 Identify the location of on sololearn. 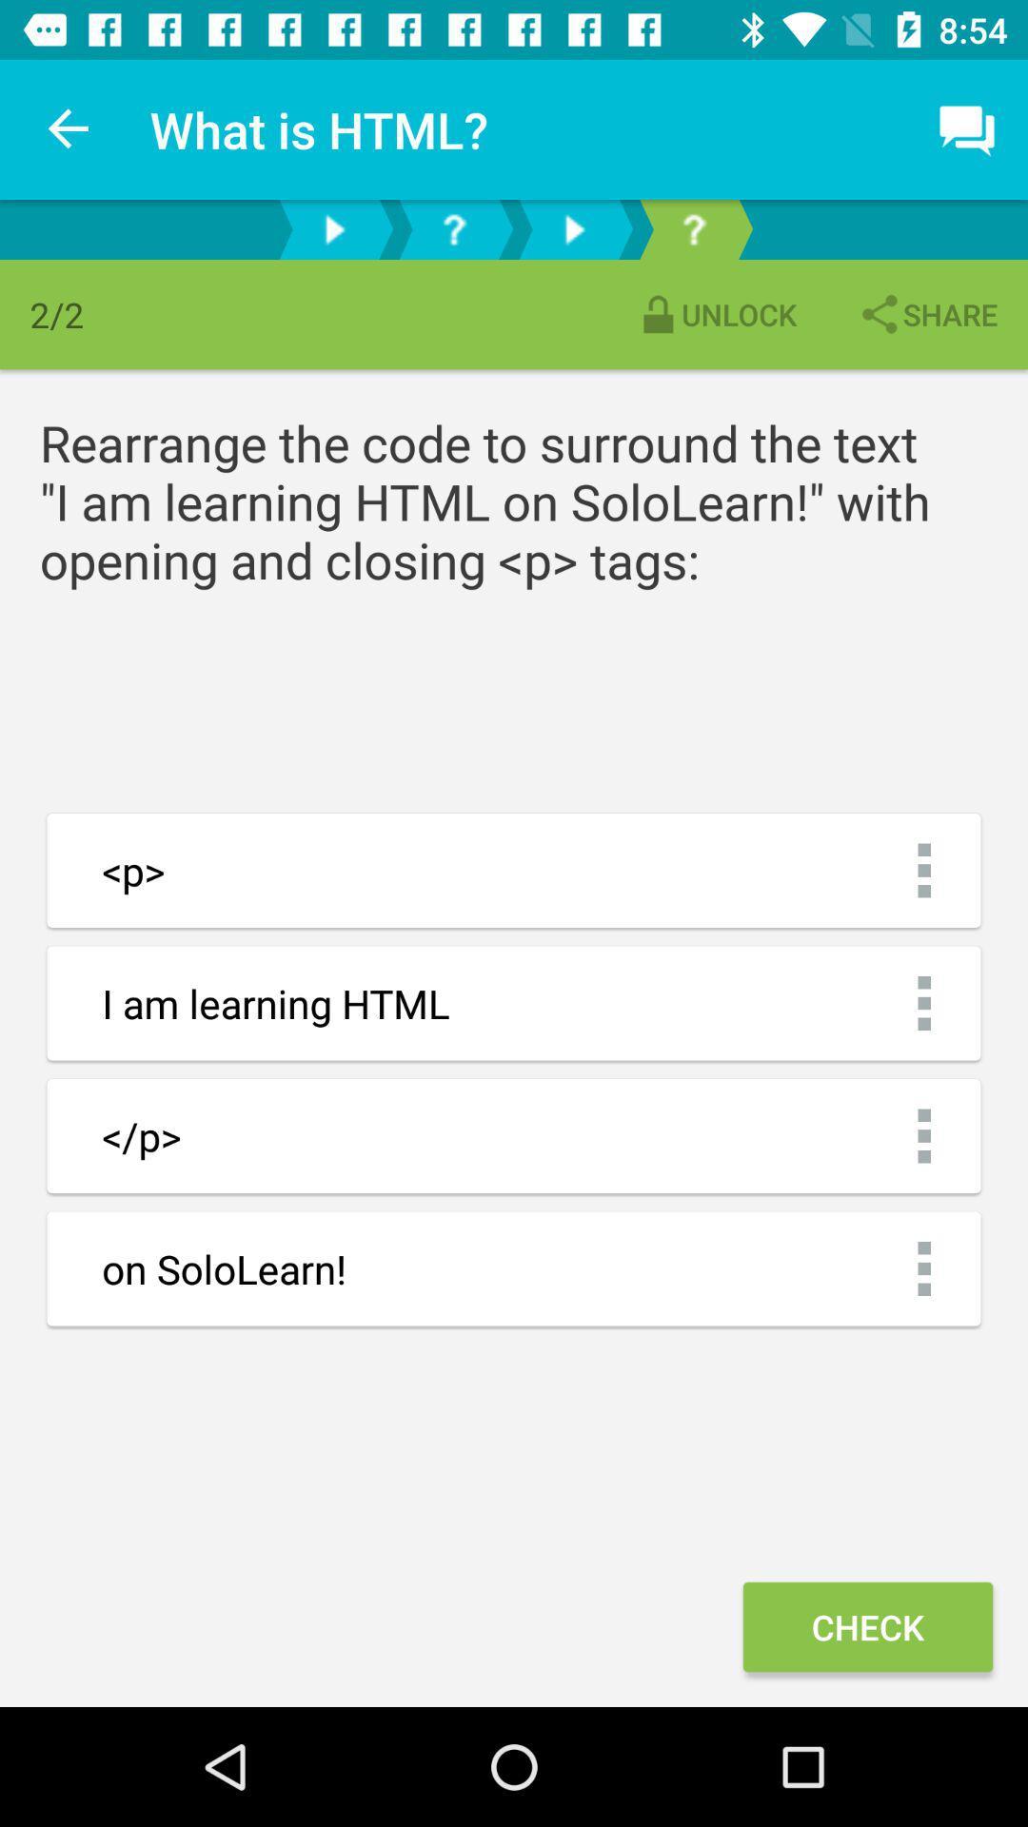
(514, 1268).